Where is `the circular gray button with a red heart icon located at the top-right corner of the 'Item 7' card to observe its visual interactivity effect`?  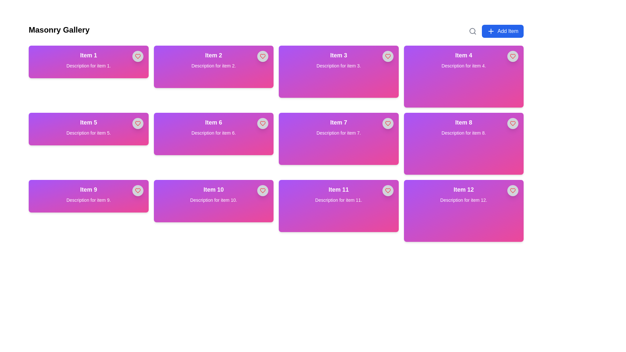 the circular gray button with a red heart icon located at the top-right corner of the 'Item 7' card to observe its visual interactivity effect is located at coordinates (388, 123).